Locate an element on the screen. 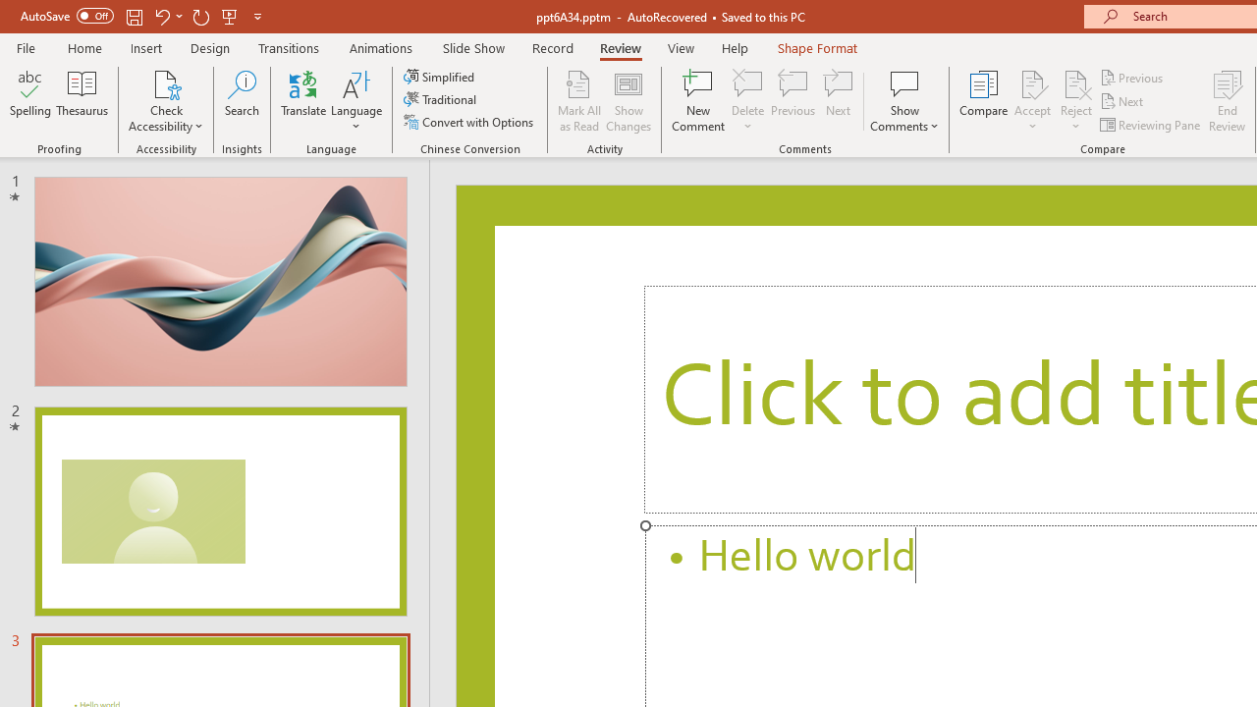 This screenshot has height=707, width=1257. 'Slide Show' is located at coordinates (472, 47).